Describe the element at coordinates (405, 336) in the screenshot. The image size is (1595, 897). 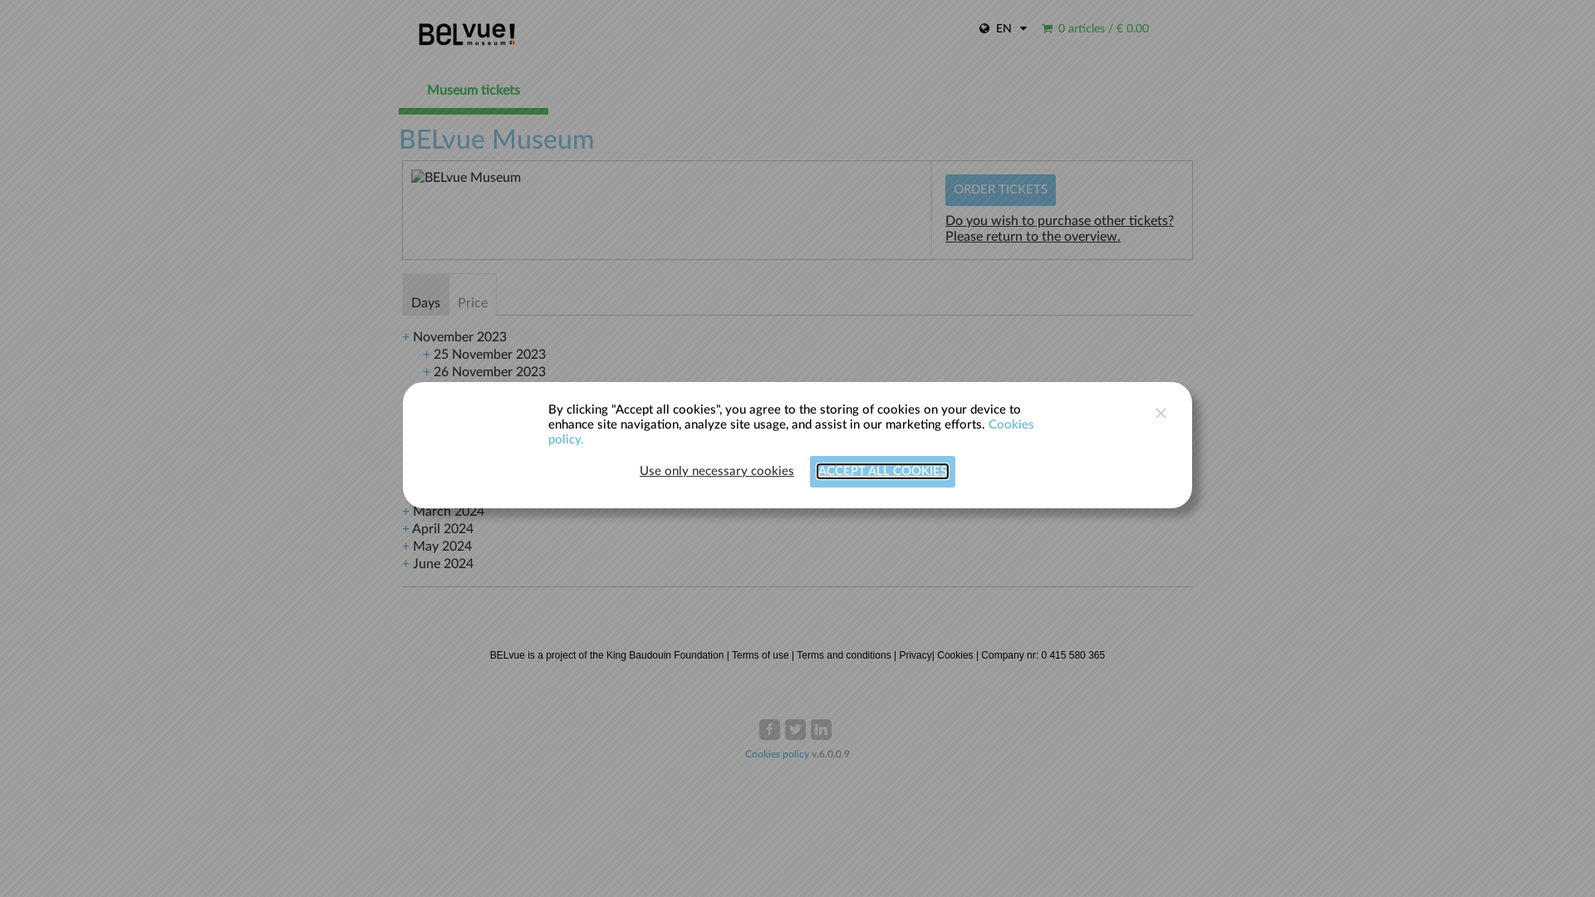
I see `'+'` at that location.